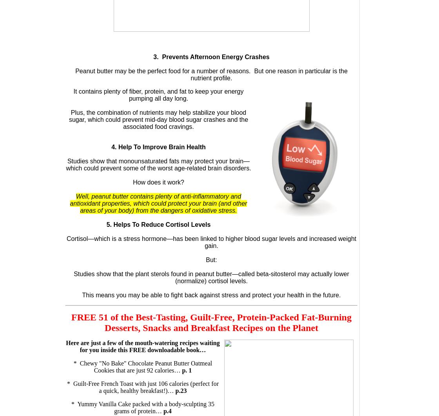  I want to click on 'Cortisol—which is a stress hormone—has been linked to higher blood sugar levels and increased weight gain.', so click(211, 242).